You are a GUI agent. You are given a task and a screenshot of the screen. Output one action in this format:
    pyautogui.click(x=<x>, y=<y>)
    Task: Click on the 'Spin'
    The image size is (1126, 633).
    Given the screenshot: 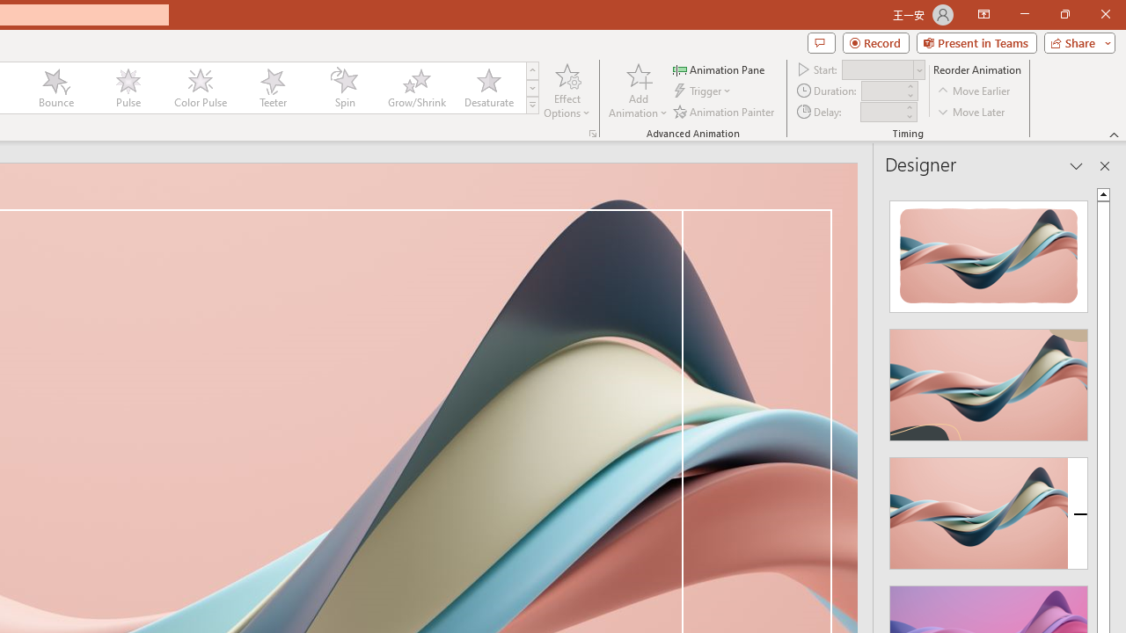 What is the action you would take?
    pyautogui.click(x=344, y=88)
    